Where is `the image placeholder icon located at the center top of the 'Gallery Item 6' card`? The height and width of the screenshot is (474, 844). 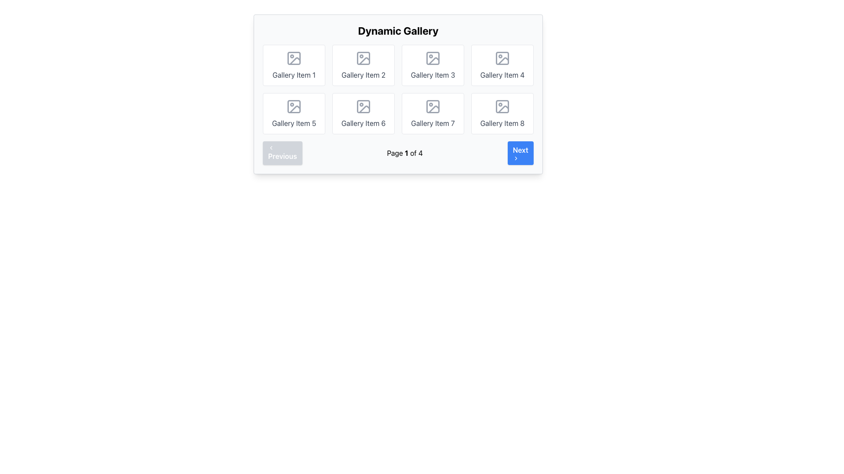 the image placeholder icon located at the center top of the 'Gallery Item 6' card is located at coordinates (363, 106).